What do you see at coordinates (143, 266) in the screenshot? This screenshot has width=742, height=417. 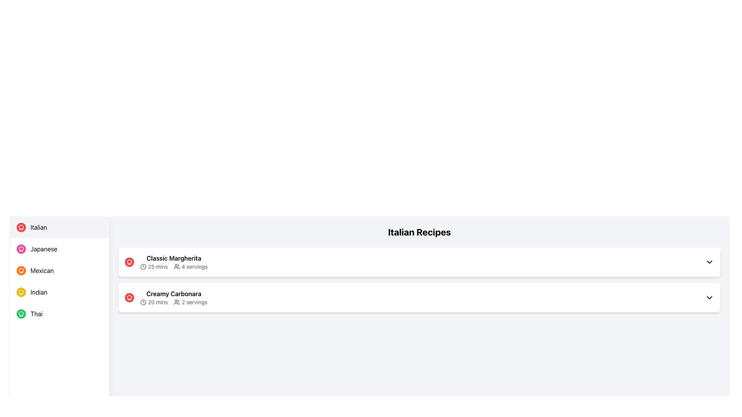 I see `the circular frame of the clock icon located to the left of the text '25 mins' in the 'Classic Margherita' recipe card` at bounding box center [143, 266].